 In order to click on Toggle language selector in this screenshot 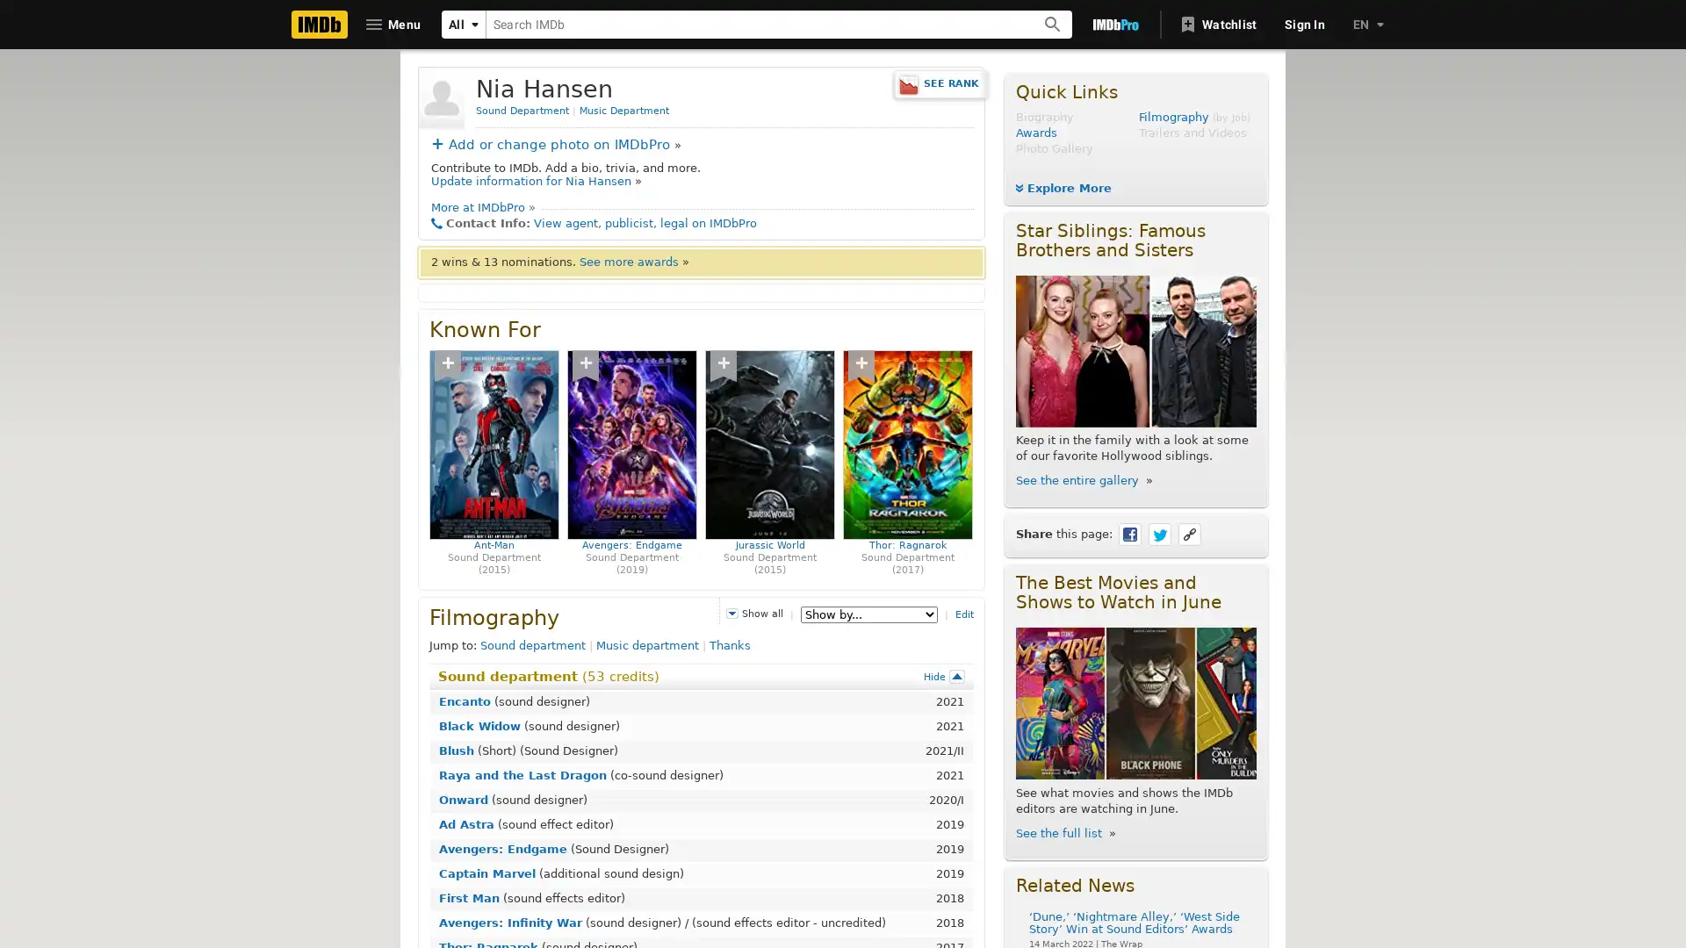, I will do `click(1365, 24)`.